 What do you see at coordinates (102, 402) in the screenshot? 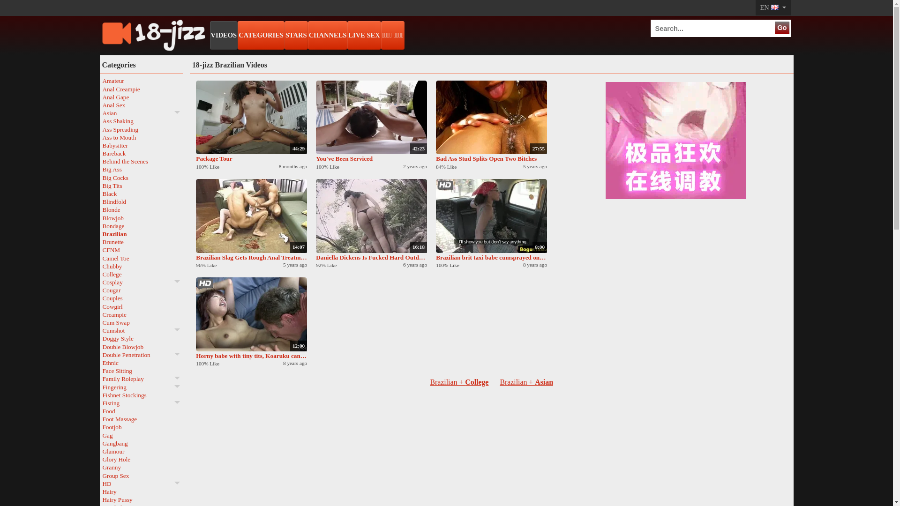
I see `'Fisting'` at bounding box center [102, 402].